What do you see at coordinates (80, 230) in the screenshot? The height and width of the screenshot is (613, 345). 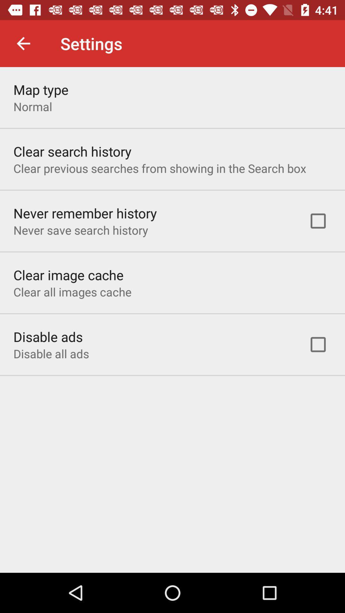 I see `icon above clear image cache icon` at bounding box center [80, 230].